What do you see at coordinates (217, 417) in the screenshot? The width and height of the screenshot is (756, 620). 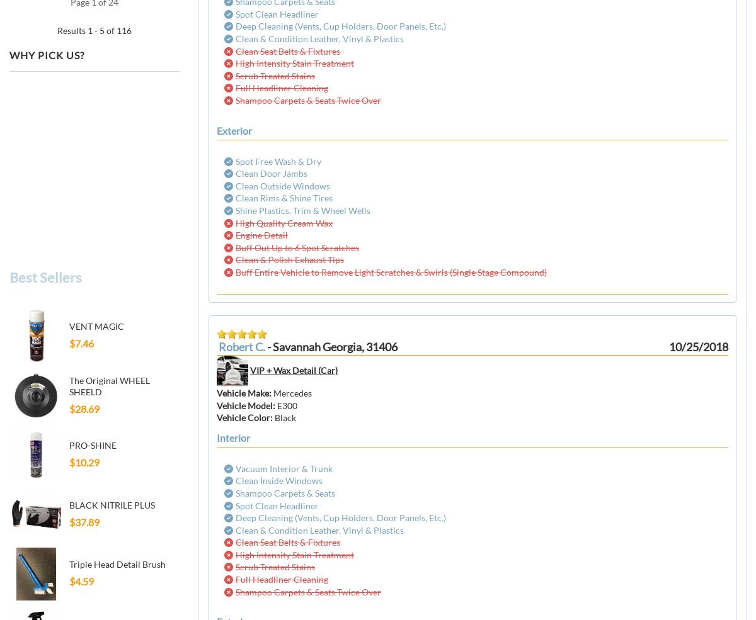 I see `'Vehicle Color'` at bounding box center [217, 417].